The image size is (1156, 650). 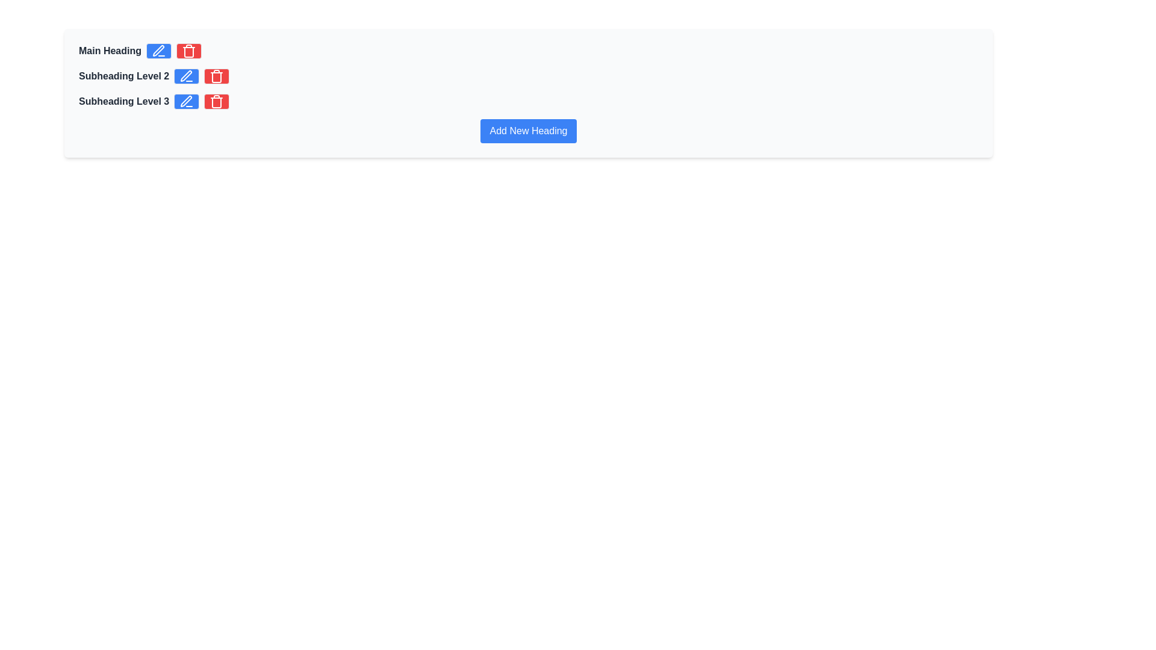 What do you see at coordinates (529, 131) in the screenshot?
I see `the rectangular button with rounded corners, blue background, and white bold text that reads 'Add New Heading'` at bounding box center [529, 131].